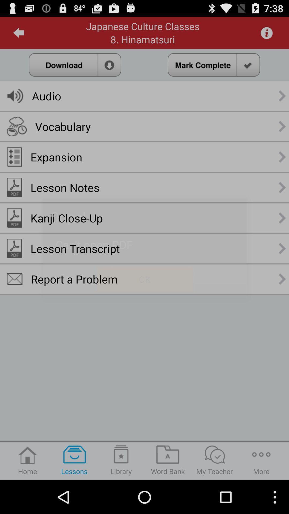  What do you see at coordinates (63, 126) in the screenshot?
I see `the item below audio app` at bounding box center [63, 126].